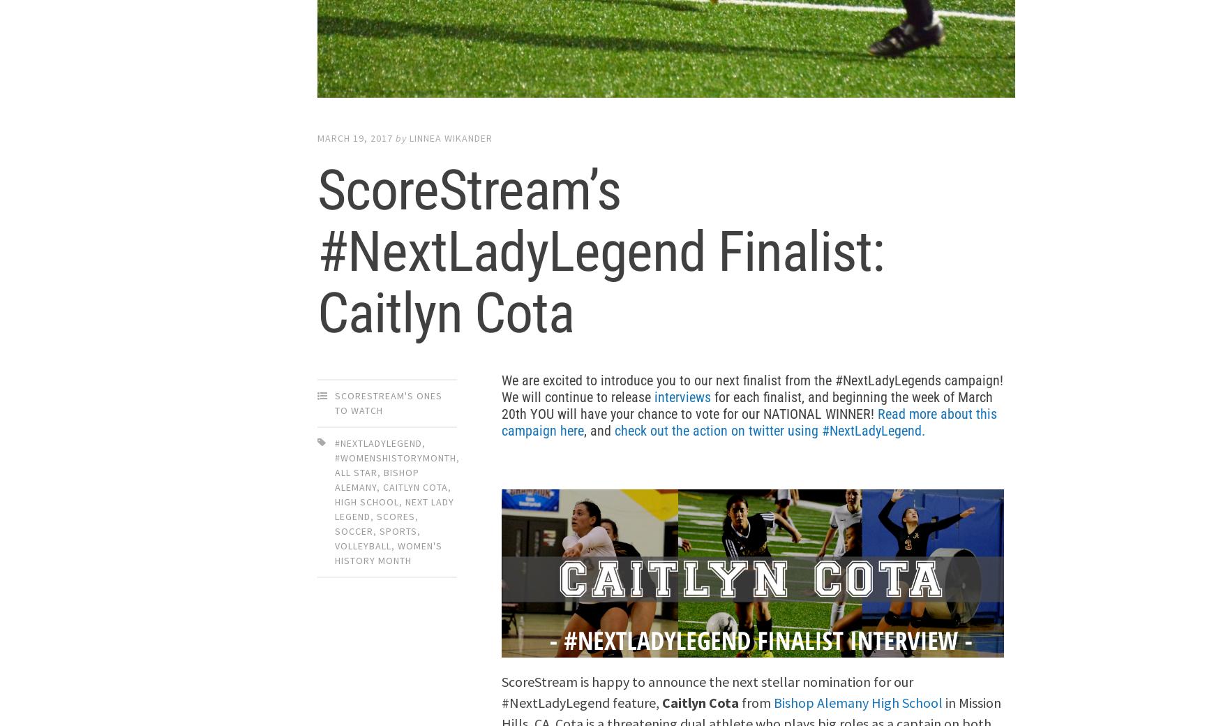  What do you see at coordinates (601, 251) in the screenshot?
I see `'ScoreStream’s #NextLadyLegend Finalist: Caitlyn Cota'` at bounding box center [601, 251].